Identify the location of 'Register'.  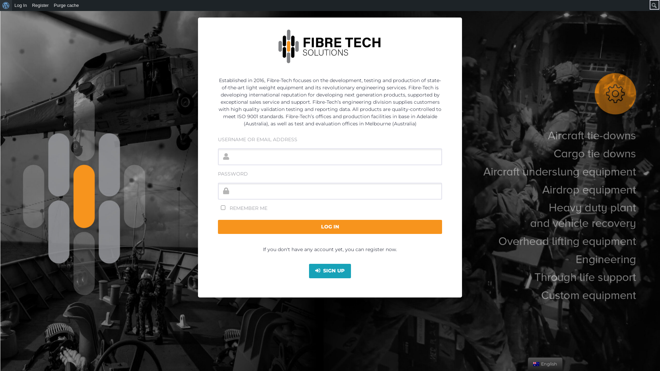
(29, 5).